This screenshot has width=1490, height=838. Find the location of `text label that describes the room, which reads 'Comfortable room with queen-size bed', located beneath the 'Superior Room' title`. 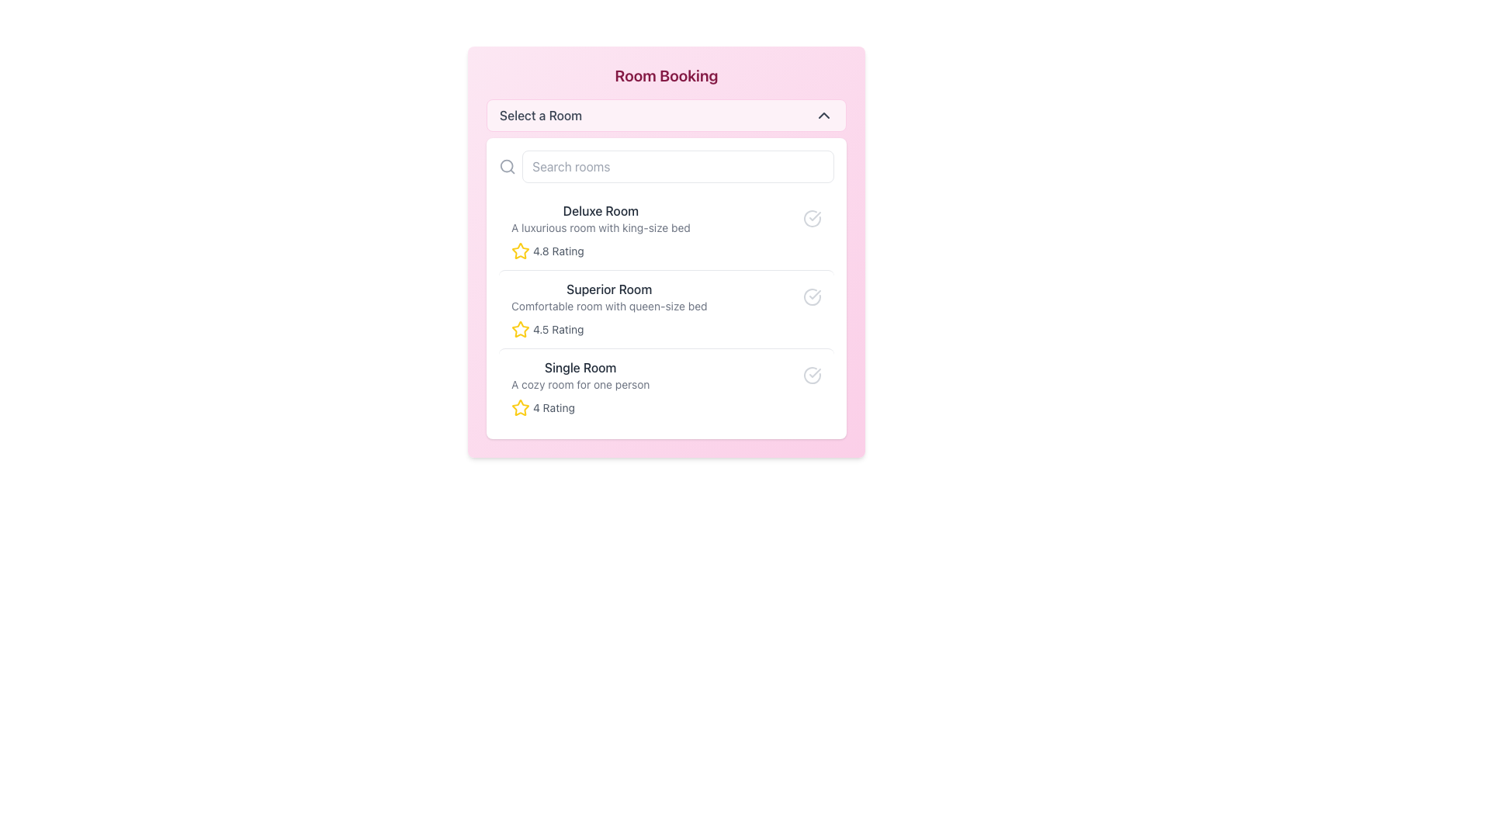

text label that describes the room, which reads 'Comfortable room with queen-size bed', located beneath the 'Superior Room' title is located at coordinates (608, 306).